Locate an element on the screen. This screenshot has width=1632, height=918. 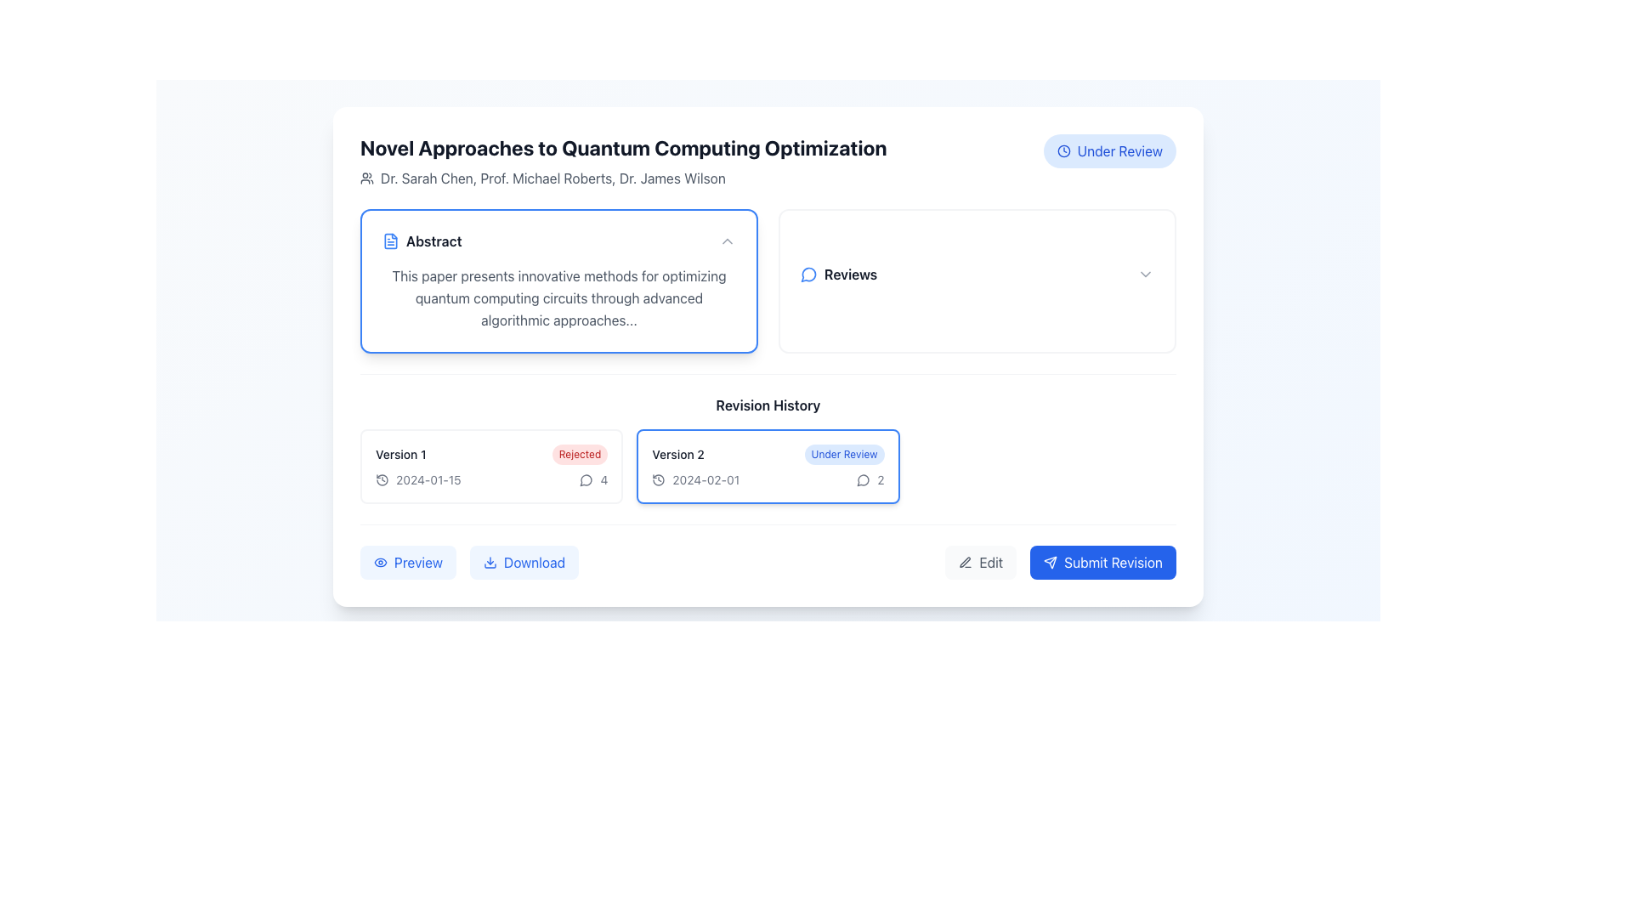
the styling and information of the text 'Abstract' displayed in bold near a blue document icon, located in the top-left portion of a summary box is located at coordinates (422, 241).